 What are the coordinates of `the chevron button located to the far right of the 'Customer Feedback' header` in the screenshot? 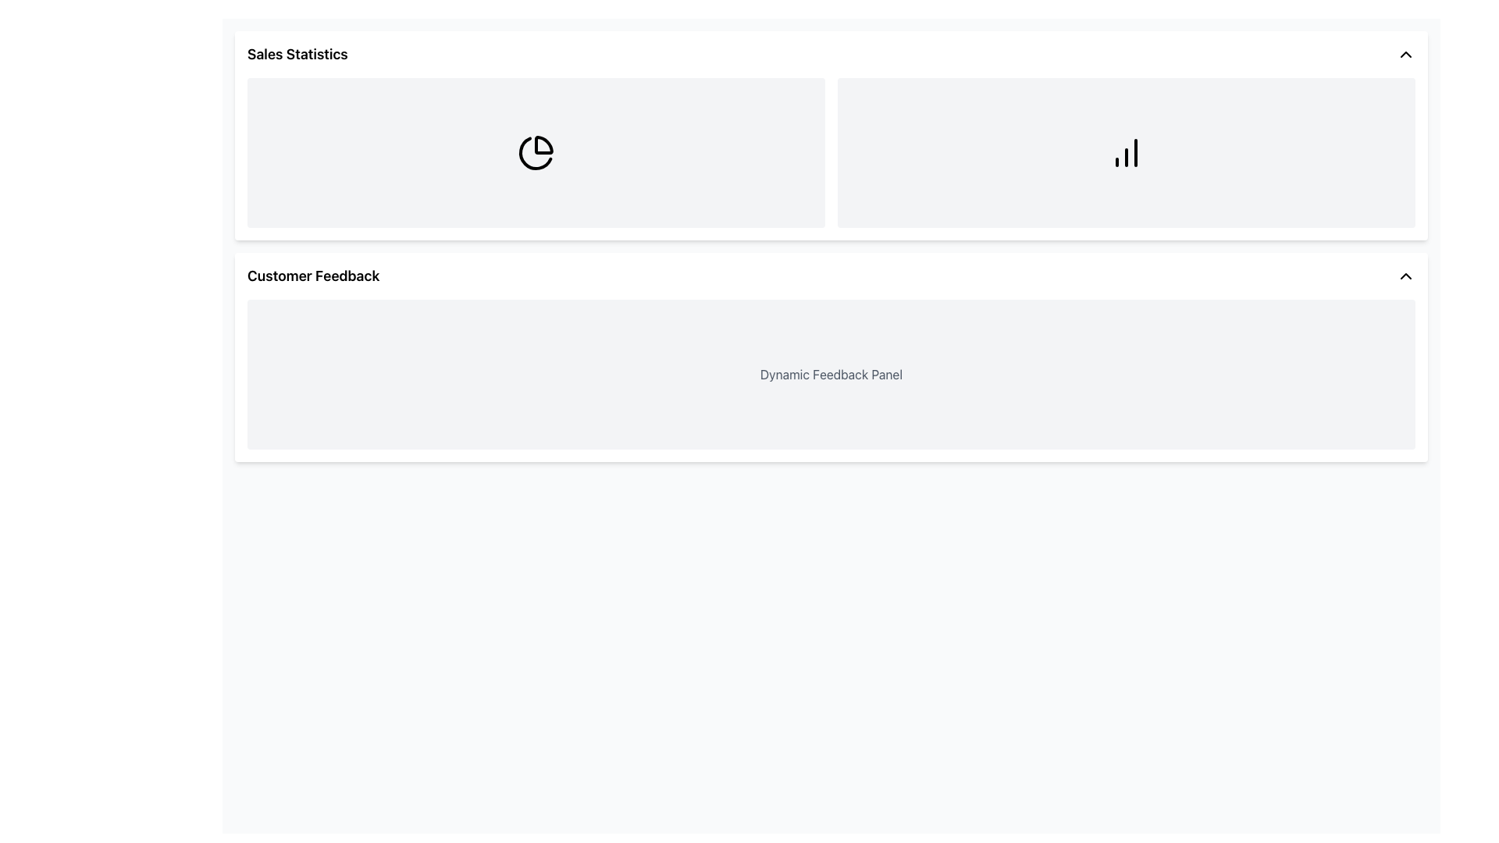 It's located at (1405, 276).